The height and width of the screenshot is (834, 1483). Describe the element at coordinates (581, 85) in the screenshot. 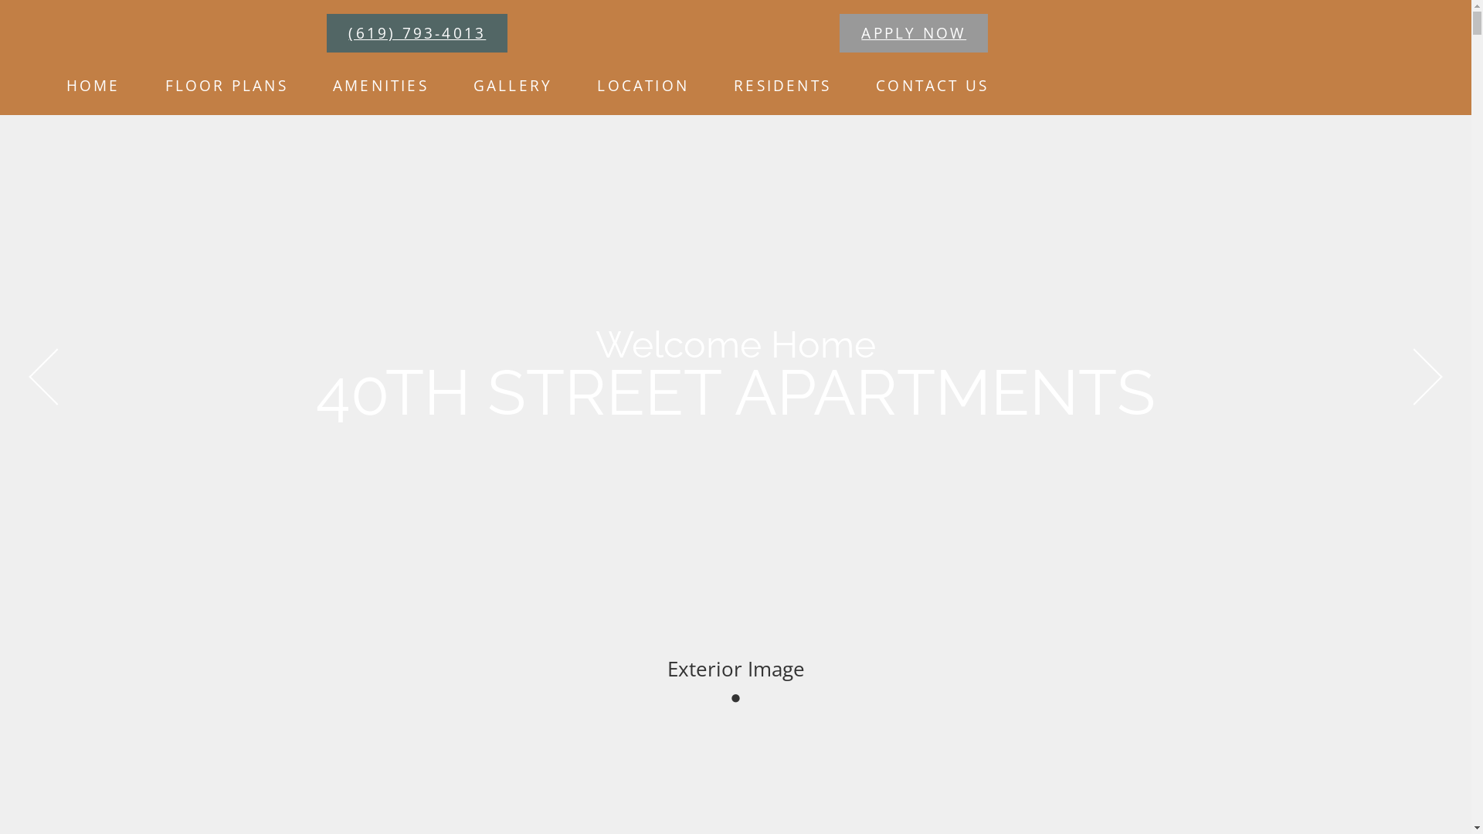

I see `'LOCATION'` at that location.